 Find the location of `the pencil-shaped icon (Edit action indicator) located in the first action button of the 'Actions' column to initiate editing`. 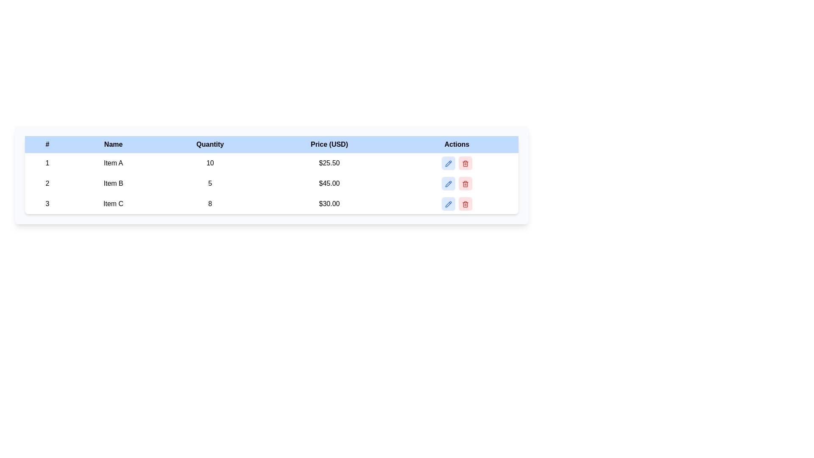

the pencil-shaped icon (Edit action indicator) located in the first action button of the 'Actions' column to initiate editing is located at coordinates (448, 204).